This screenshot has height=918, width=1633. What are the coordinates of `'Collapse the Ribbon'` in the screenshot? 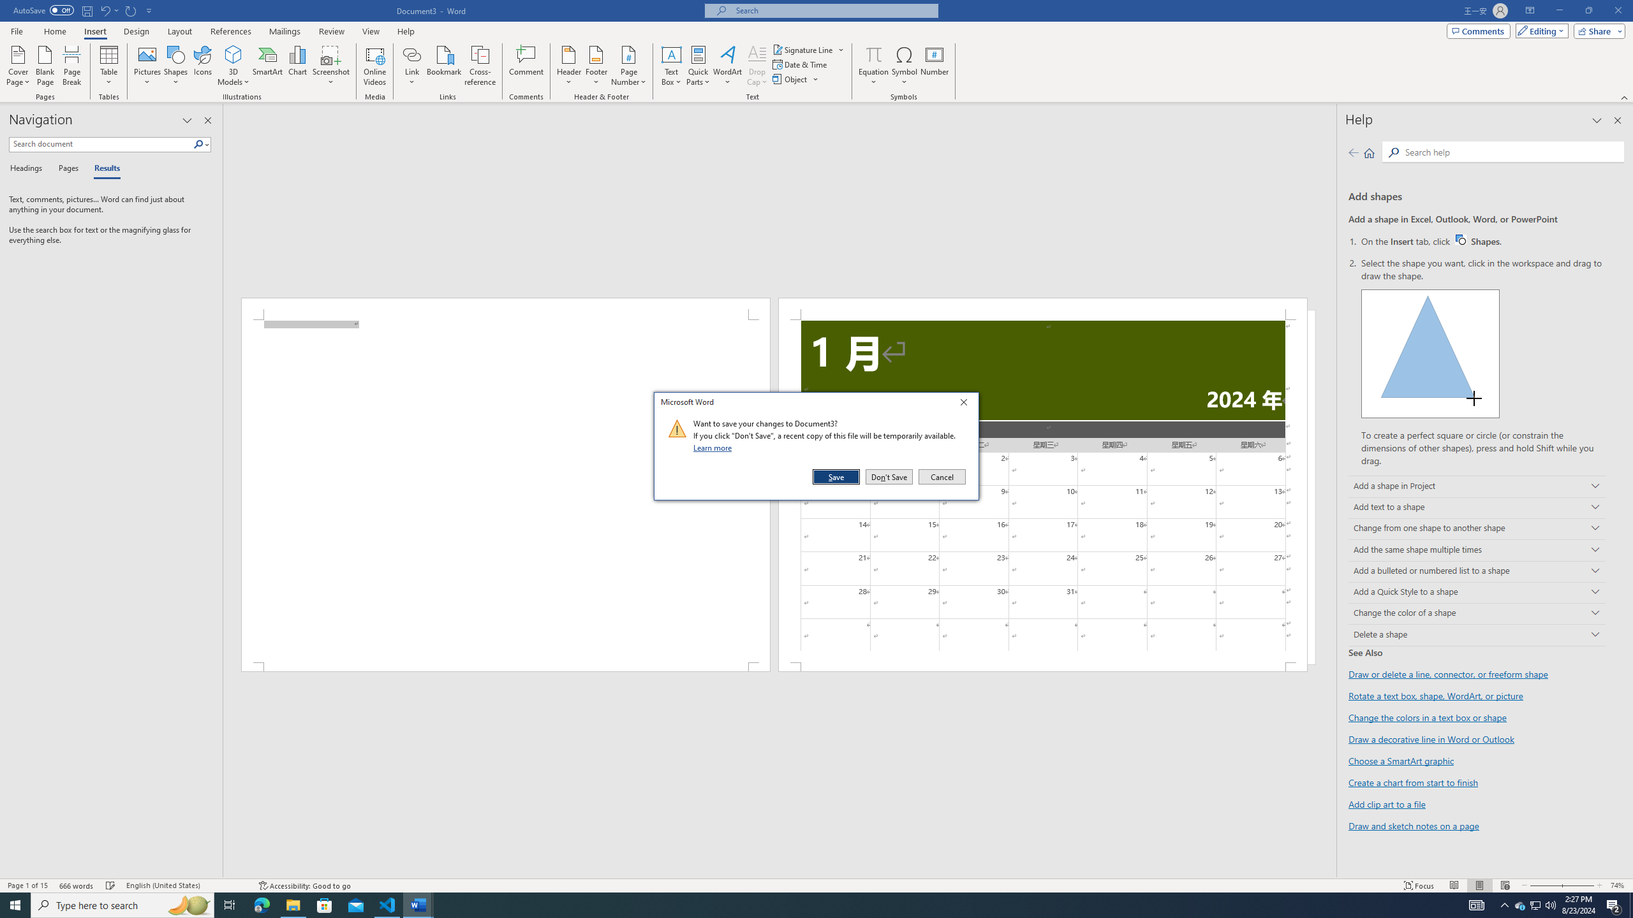 It's located at (1625, 98).